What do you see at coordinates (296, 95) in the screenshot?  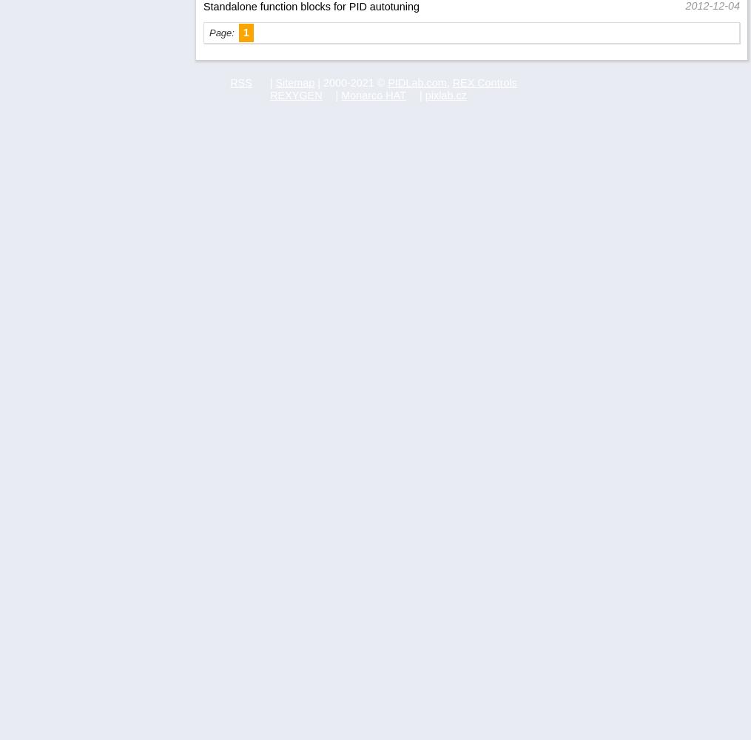 I see `'REXYGEN'` at bounding box center [296, 95].